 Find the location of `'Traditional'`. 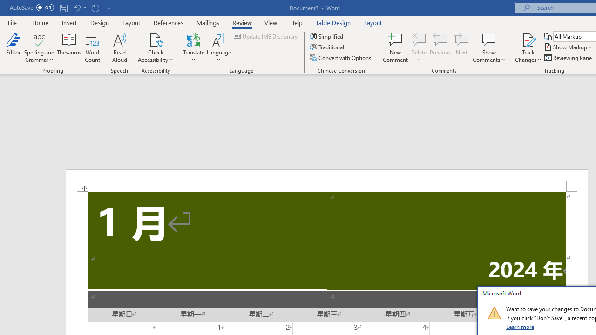

'Traditional' is located at coordinates (328, 47).